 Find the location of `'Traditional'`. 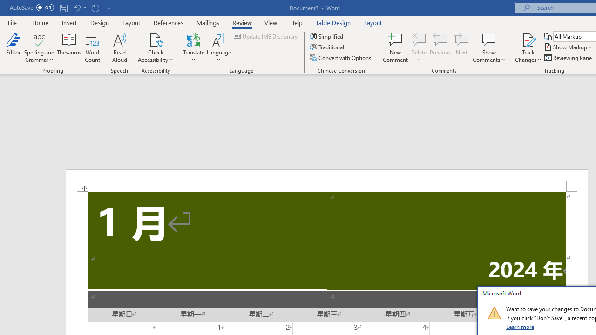

'Traditional' is located at coordinates (328, 47).